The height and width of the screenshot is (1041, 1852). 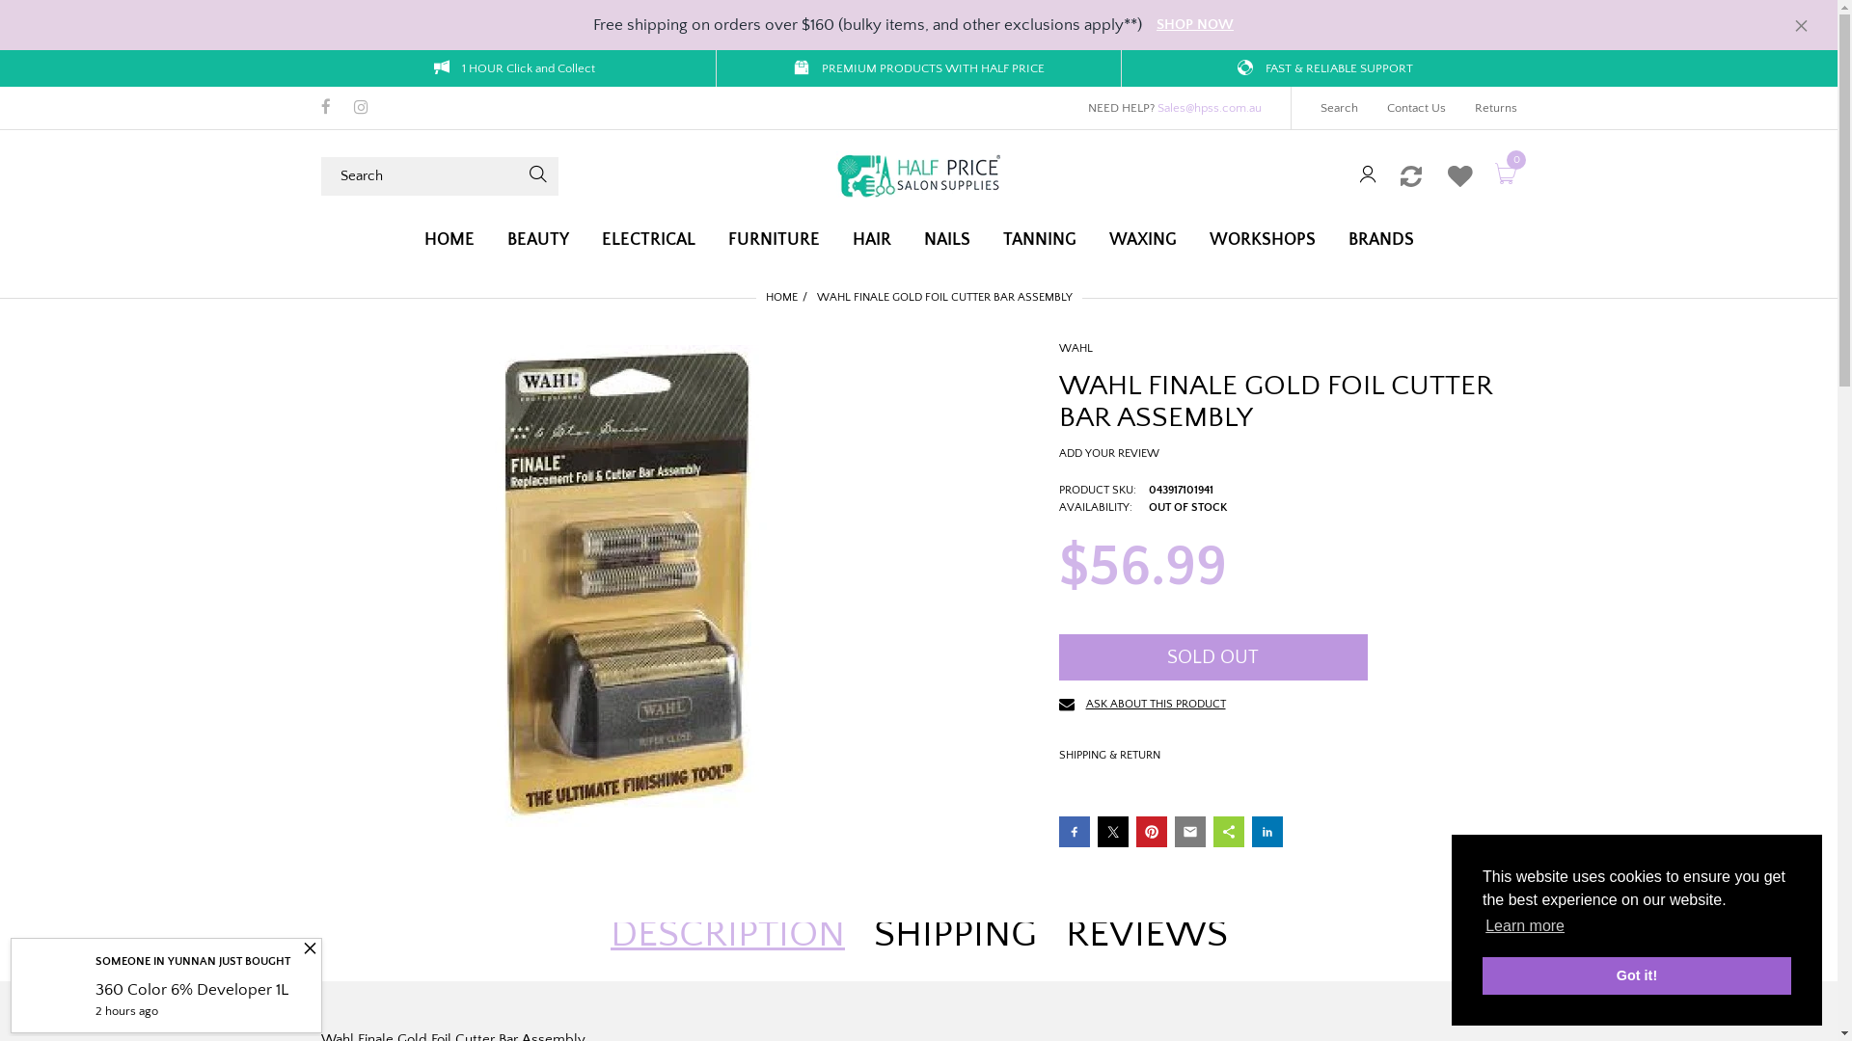 I want to click on 'DESCRIPTION', so click(x=725, y=932).